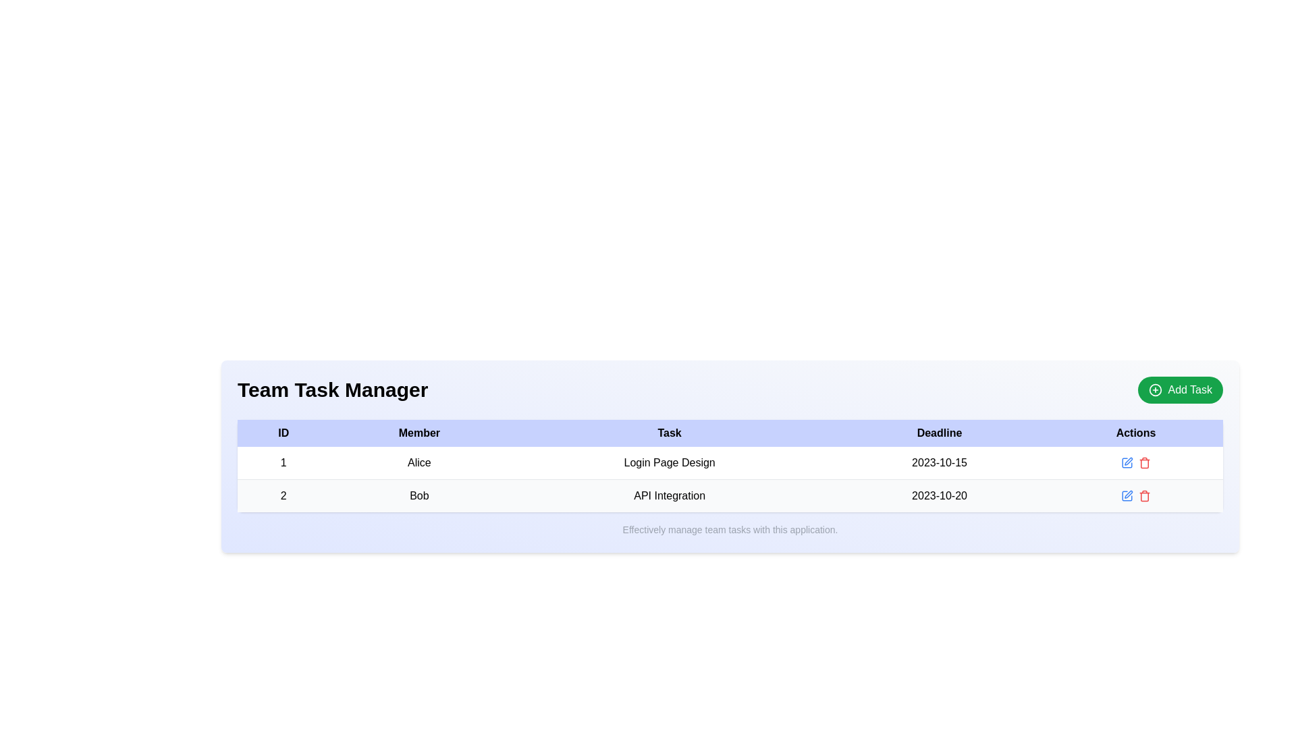 The image size is (1296, 729). What do you see at coordinates (1129, 460) in the screenshot?
I see `the 'Edit' icon located in the 'Actions' column of the table for the first task entry (Alice's task) to modify its details` at bounding box center [1129, 460].